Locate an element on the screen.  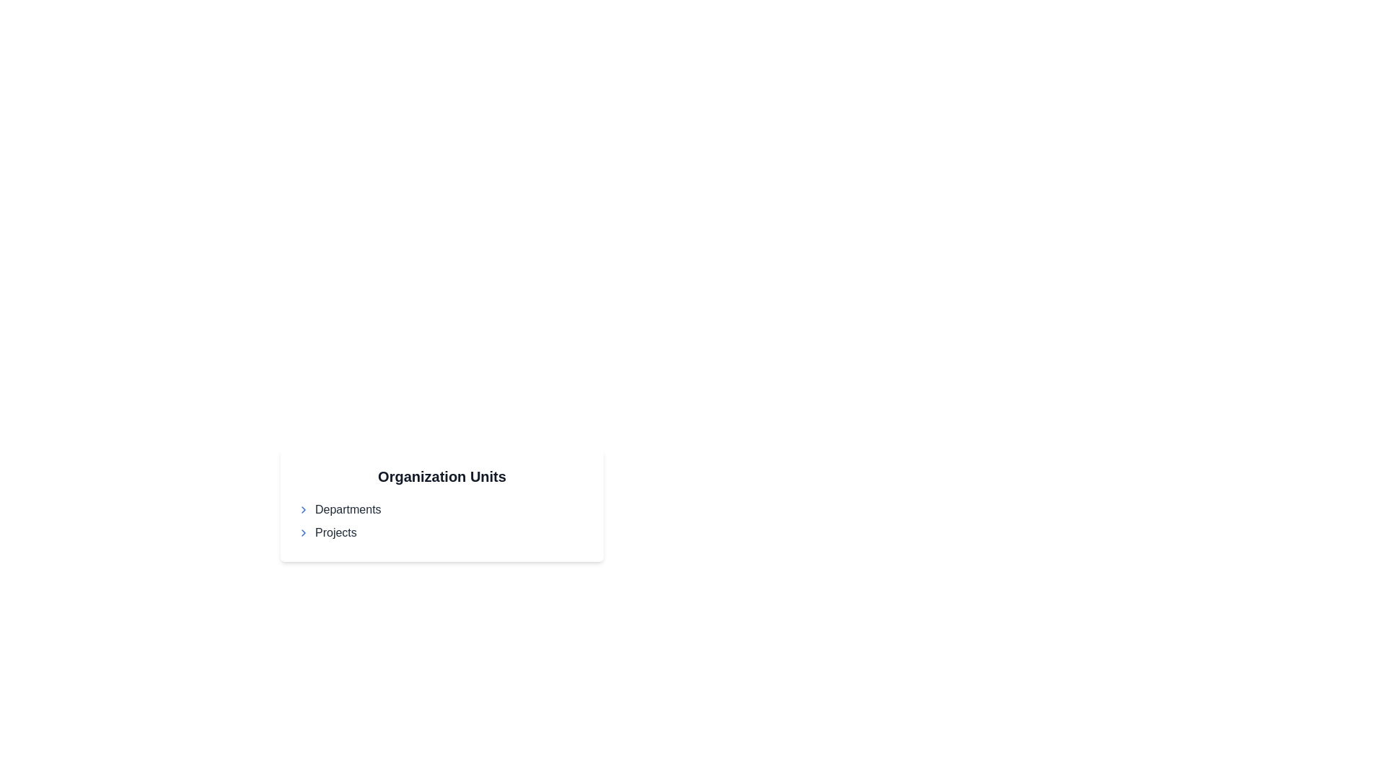
the 'Organization Units' text header, which is bold, large, and centered at the top of a white card layout is located at coordinates (441, 476).